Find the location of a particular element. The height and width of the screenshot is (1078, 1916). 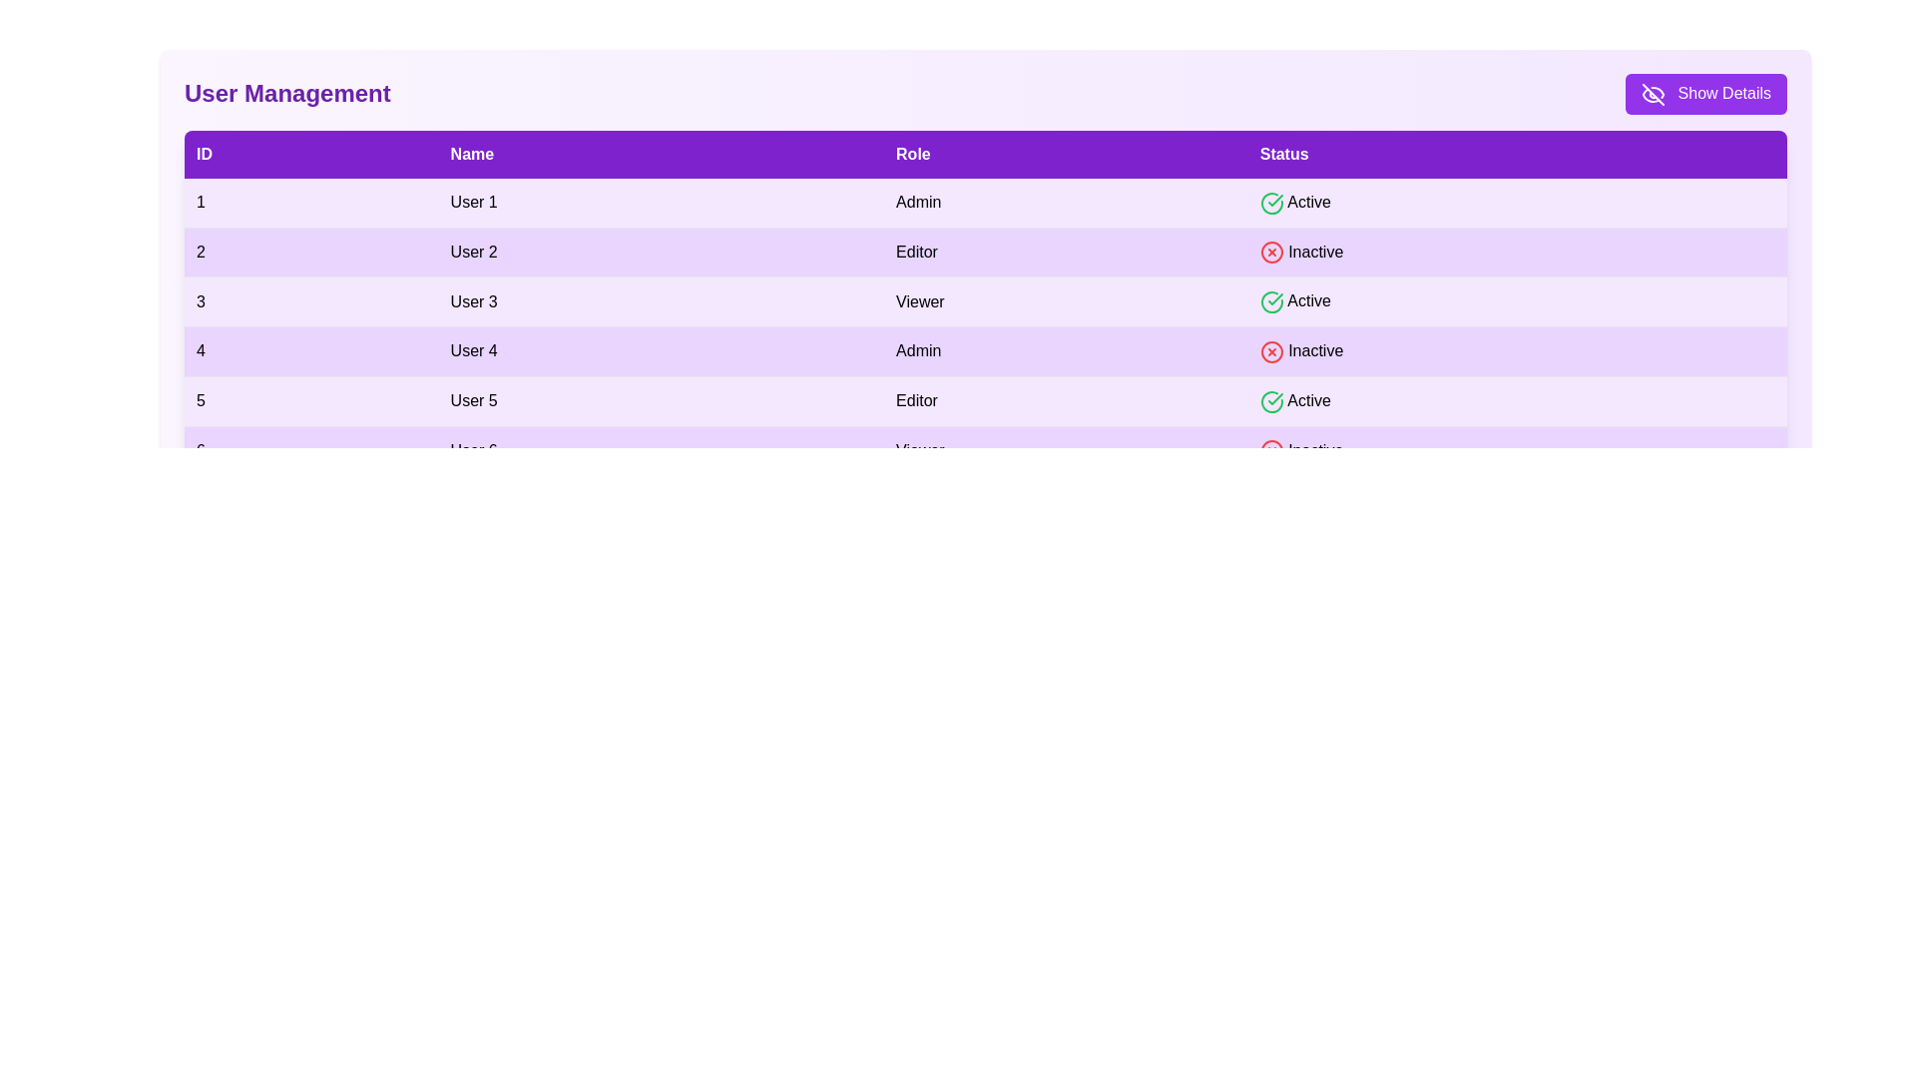

the ID header to sort the table by that column is located at coordinates (310, 153).